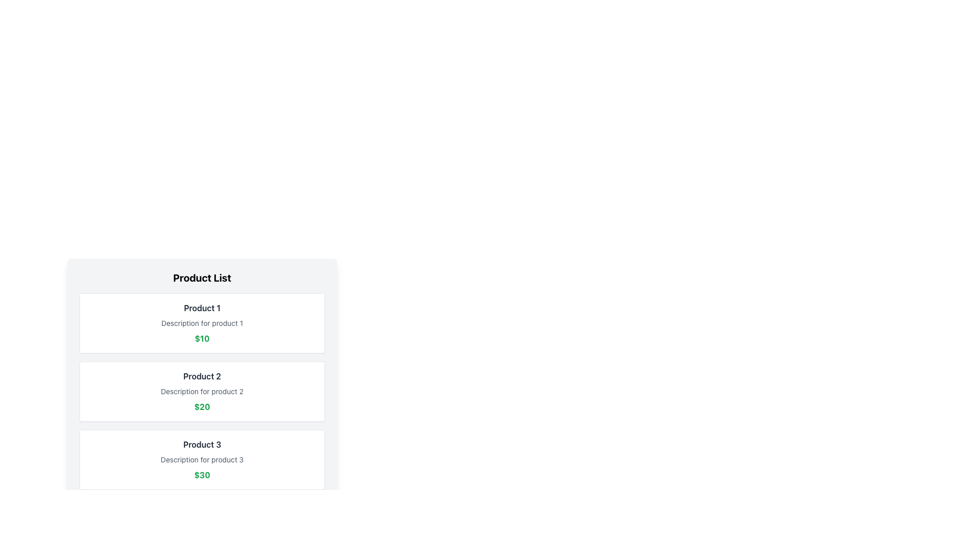 The width and height of the screenshot is (978, 550). What do you see at coordinates (202, 368) in the screenshot?
I see `product details of the list item displaying 'Product 2', which includes a sub-description and a price of '$20'` at bounding box center [202, 368].